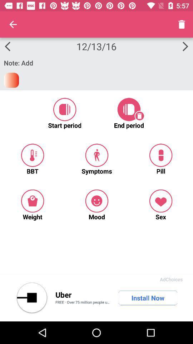  Describe the element at coordinates (83, 302) in the screenshot. I see `free over 75 item` at that location.